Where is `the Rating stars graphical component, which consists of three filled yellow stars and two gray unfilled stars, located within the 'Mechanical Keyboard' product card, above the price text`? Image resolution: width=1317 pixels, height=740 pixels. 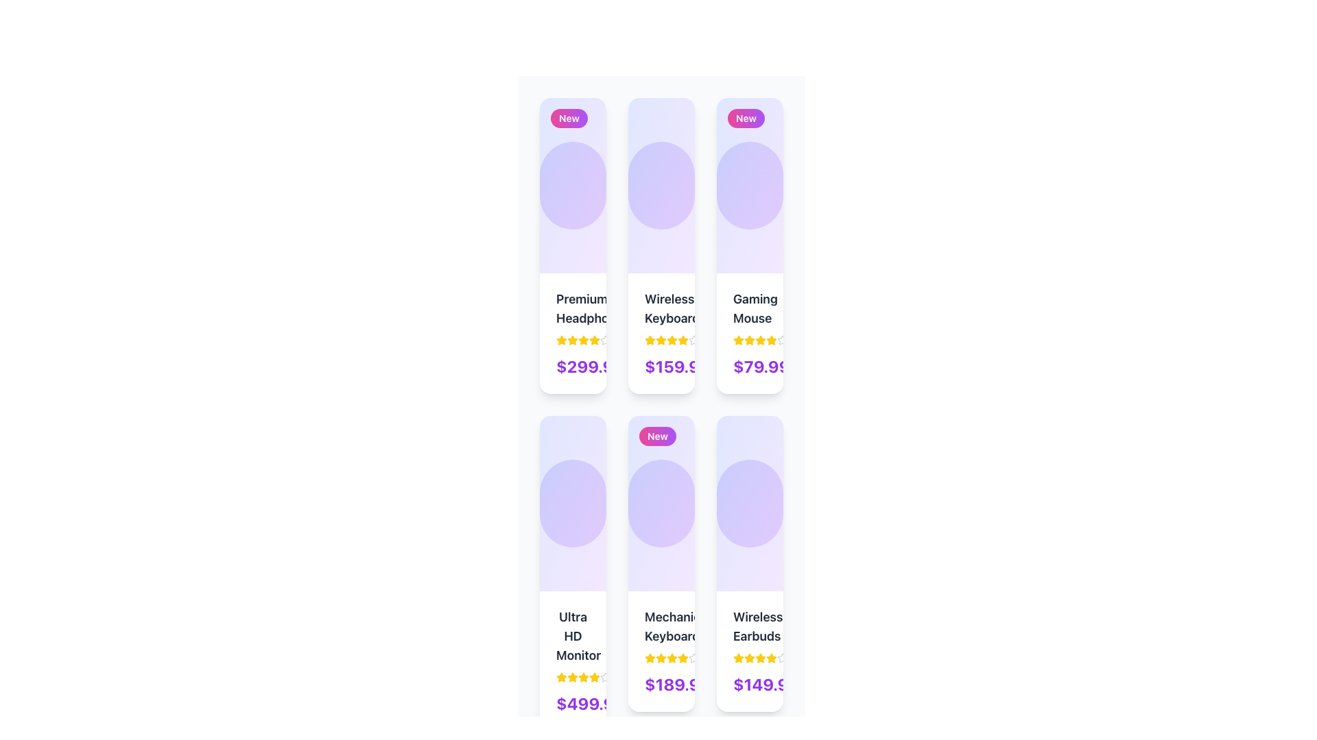
the Rating stars graphical component, which consists of three filled yellow stars and two gray unfilled stars, located within the 'Mechanical Keyboard' product card, above the price text is located at coordinates (661, 657).